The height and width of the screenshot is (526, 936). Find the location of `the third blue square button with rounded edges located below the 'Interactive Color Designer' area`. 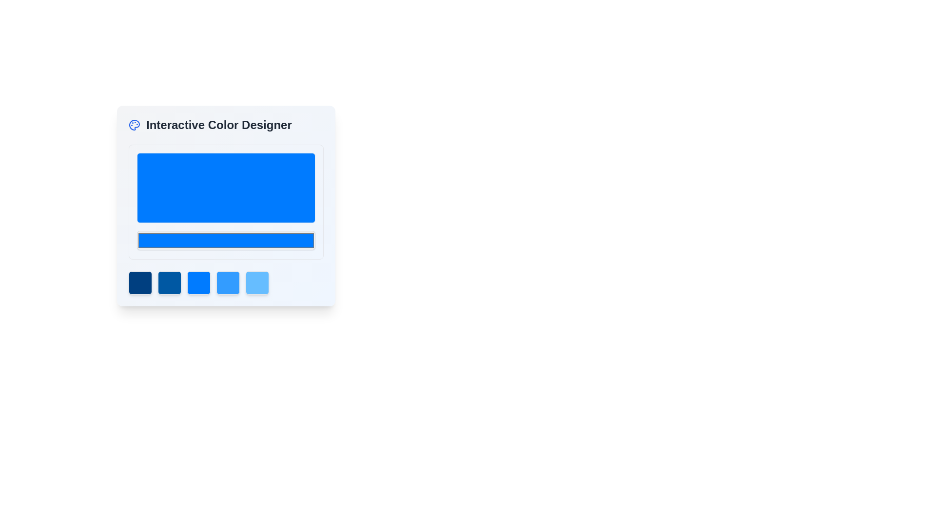

the third blue square button with rounded edges located below the 'Interactive Color Designer' area is located at coordinates (198, 283).